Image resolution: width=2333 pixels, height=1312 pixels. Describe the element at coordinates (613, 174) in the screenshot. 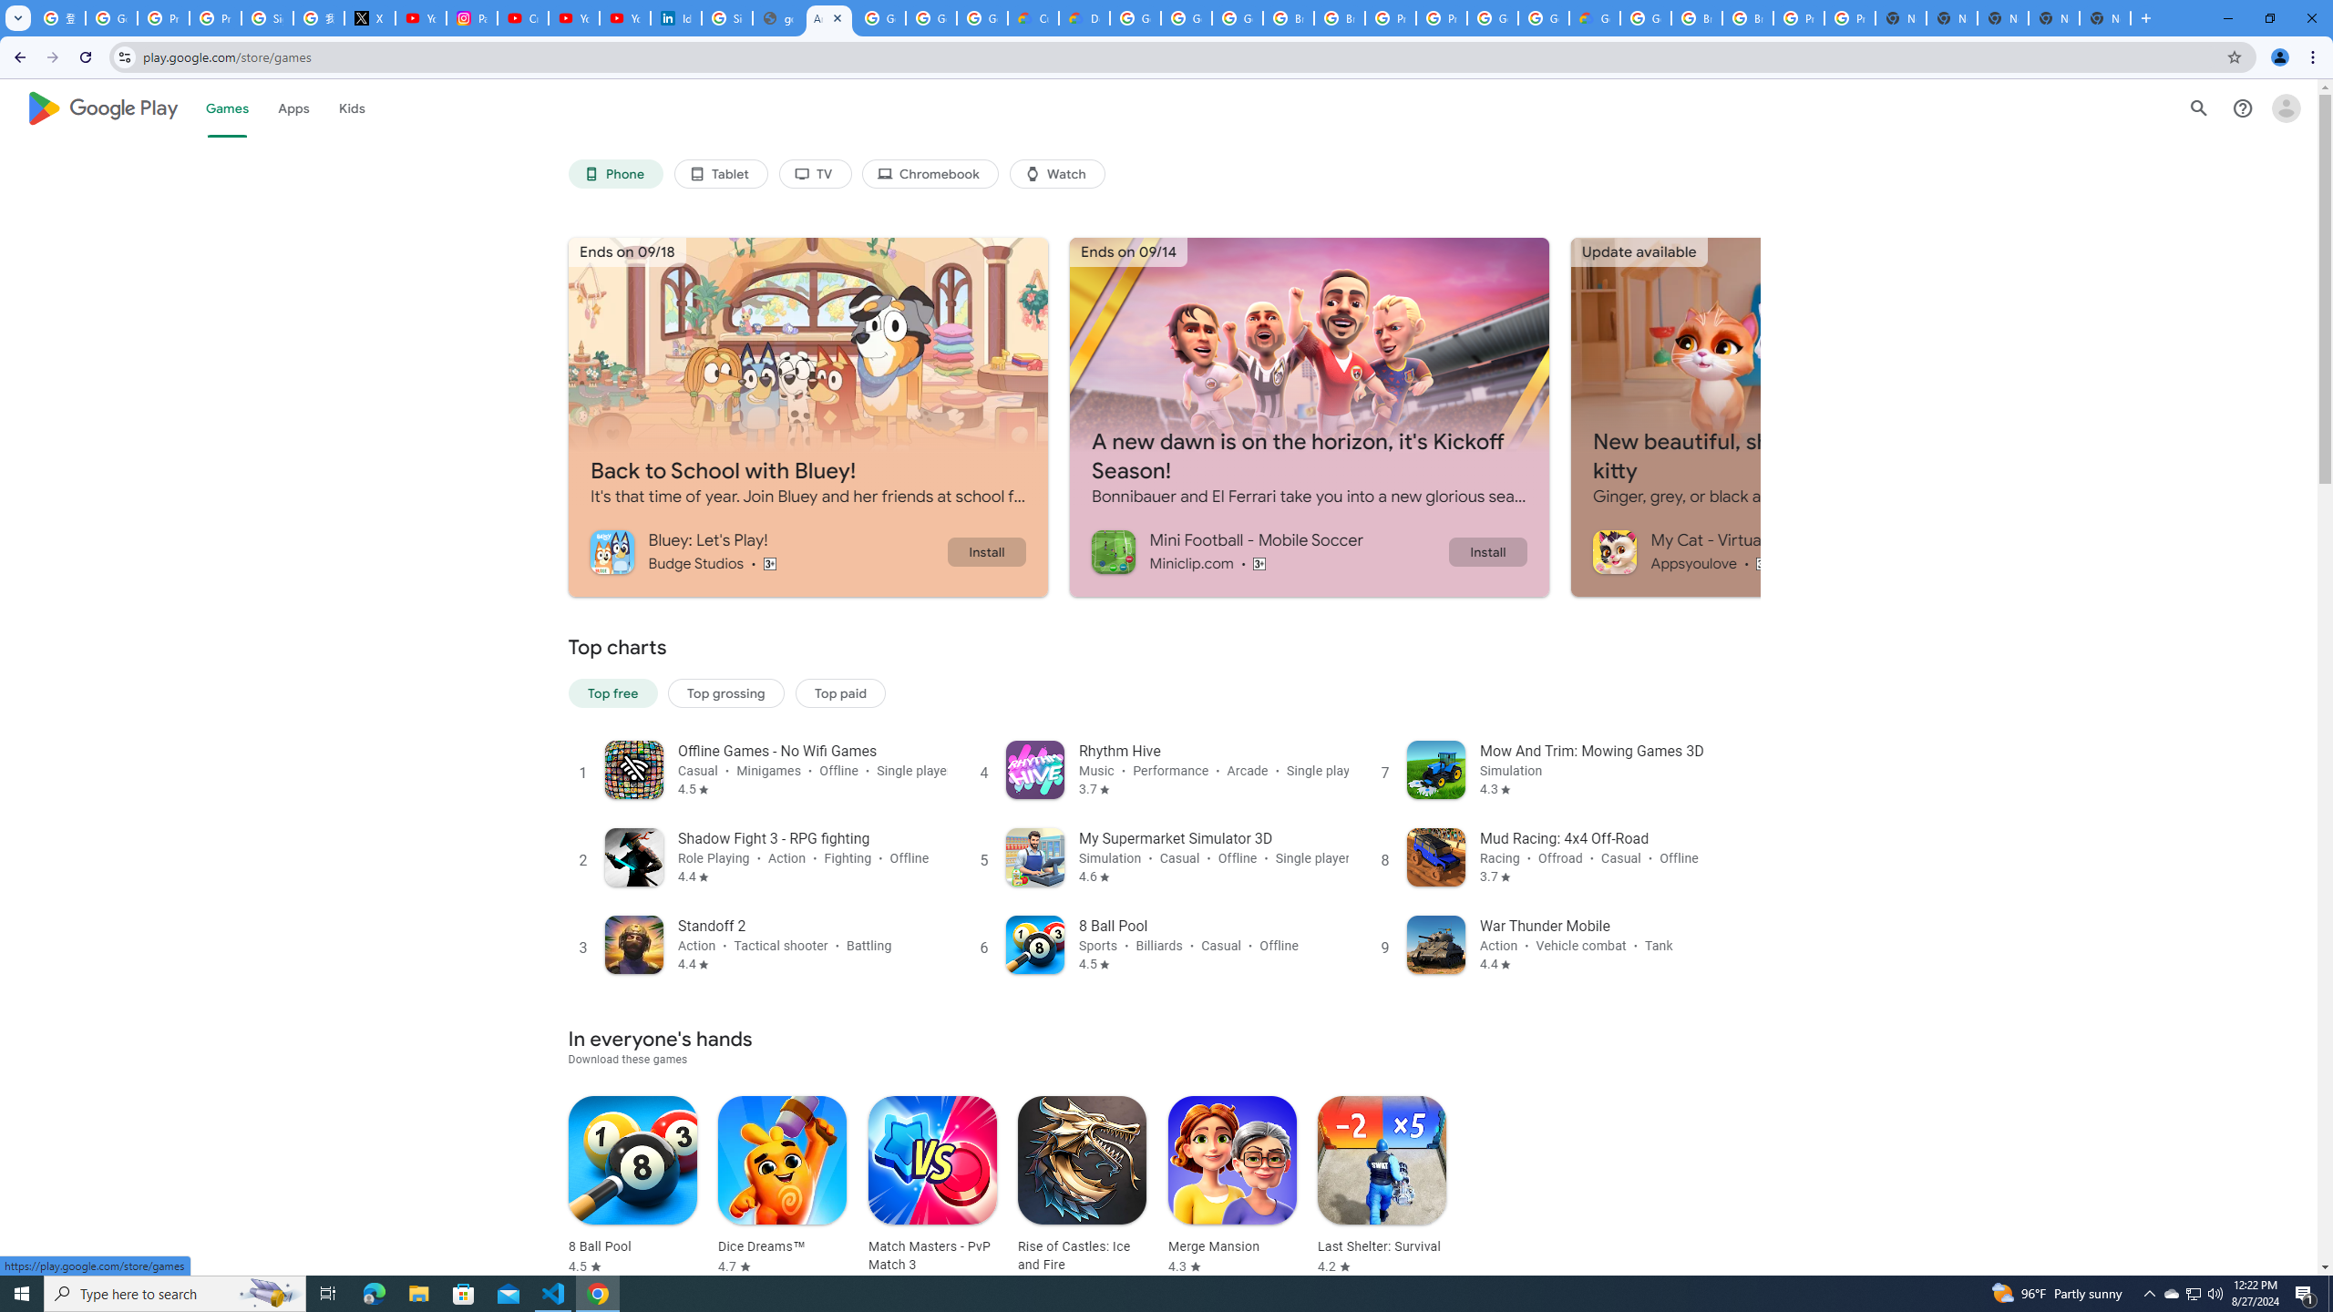

I see `'Phone'` at that location.